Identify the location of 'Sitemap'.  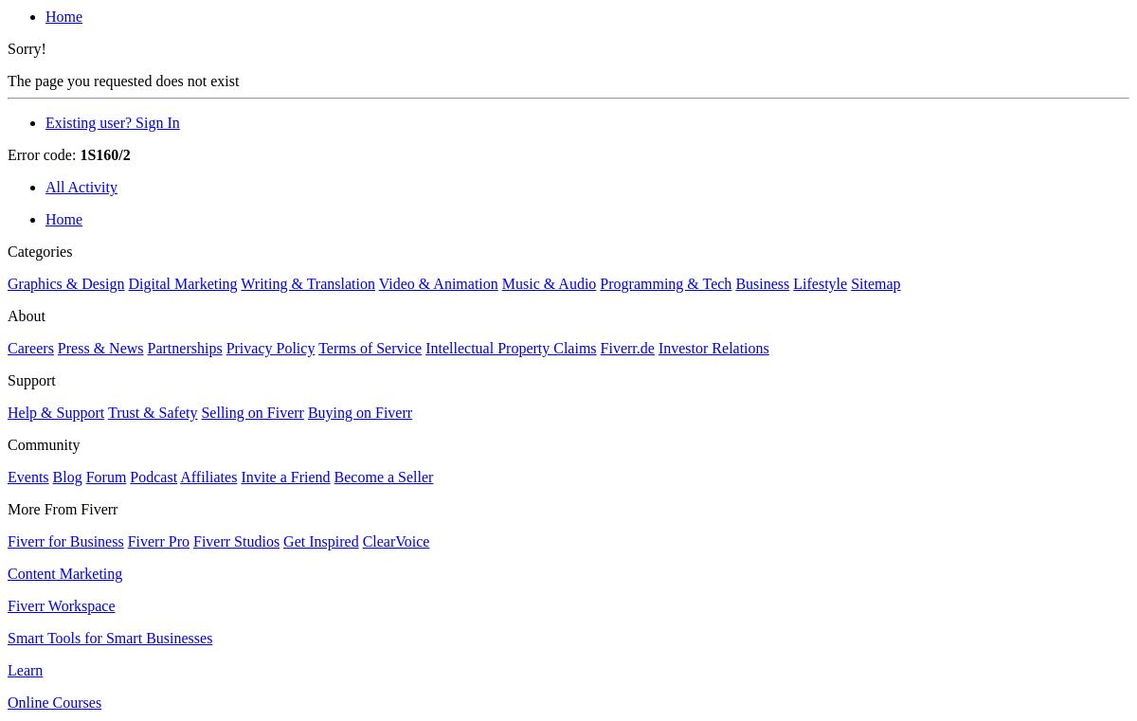
(875, 283).